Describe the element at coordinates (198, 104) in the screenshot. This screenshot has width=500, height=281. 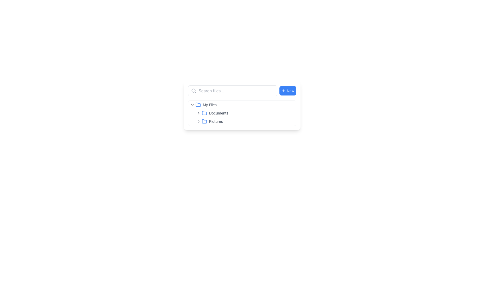
I see `the folder icon located to the left of the 'My Files' label in the file management system to interact with it` at that location.